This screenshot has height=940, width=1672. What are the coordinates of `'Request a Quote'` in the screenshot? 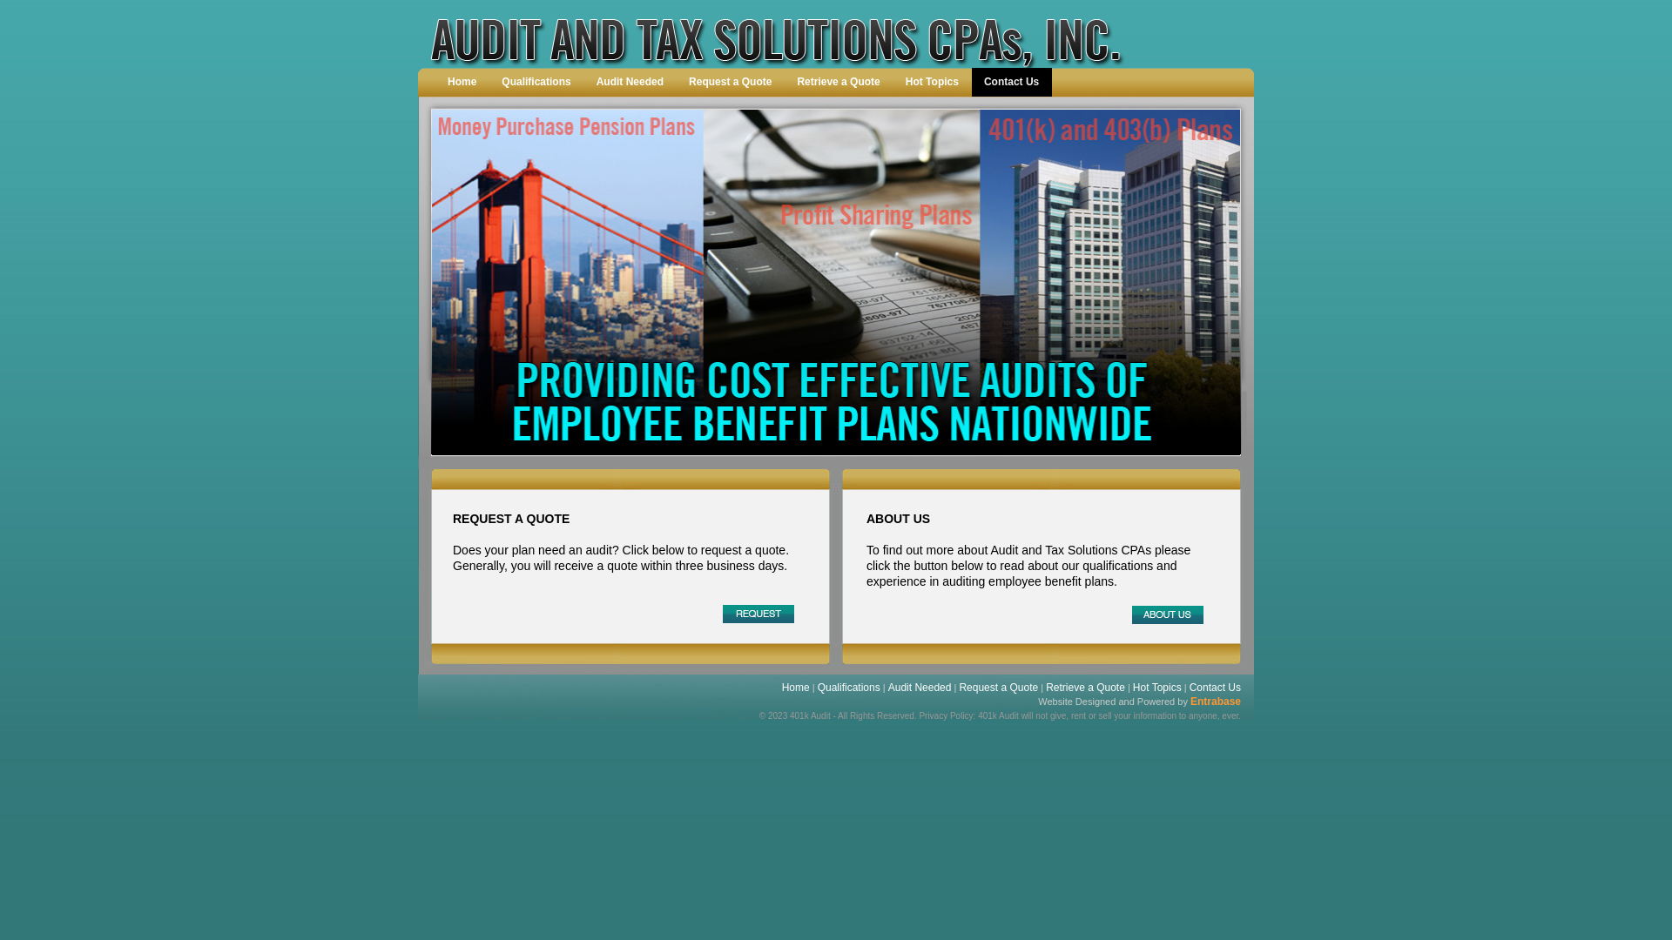 It's located at (998, 687).